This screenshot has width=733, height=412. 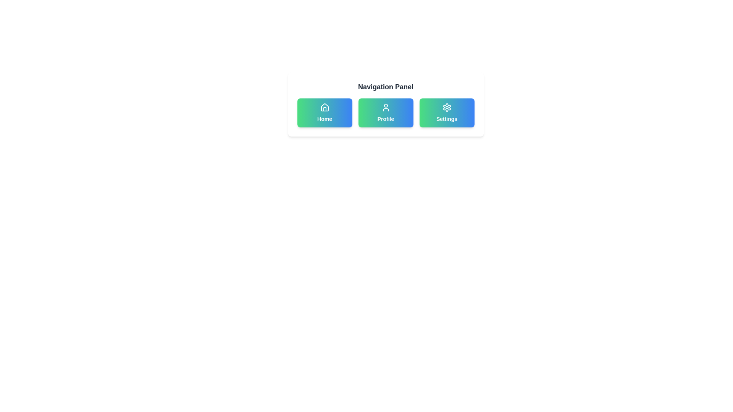 I want to click on the 'Settings' button, which is a rectangular button with a gradient background and a gear icon, so click(x=447, y=113).